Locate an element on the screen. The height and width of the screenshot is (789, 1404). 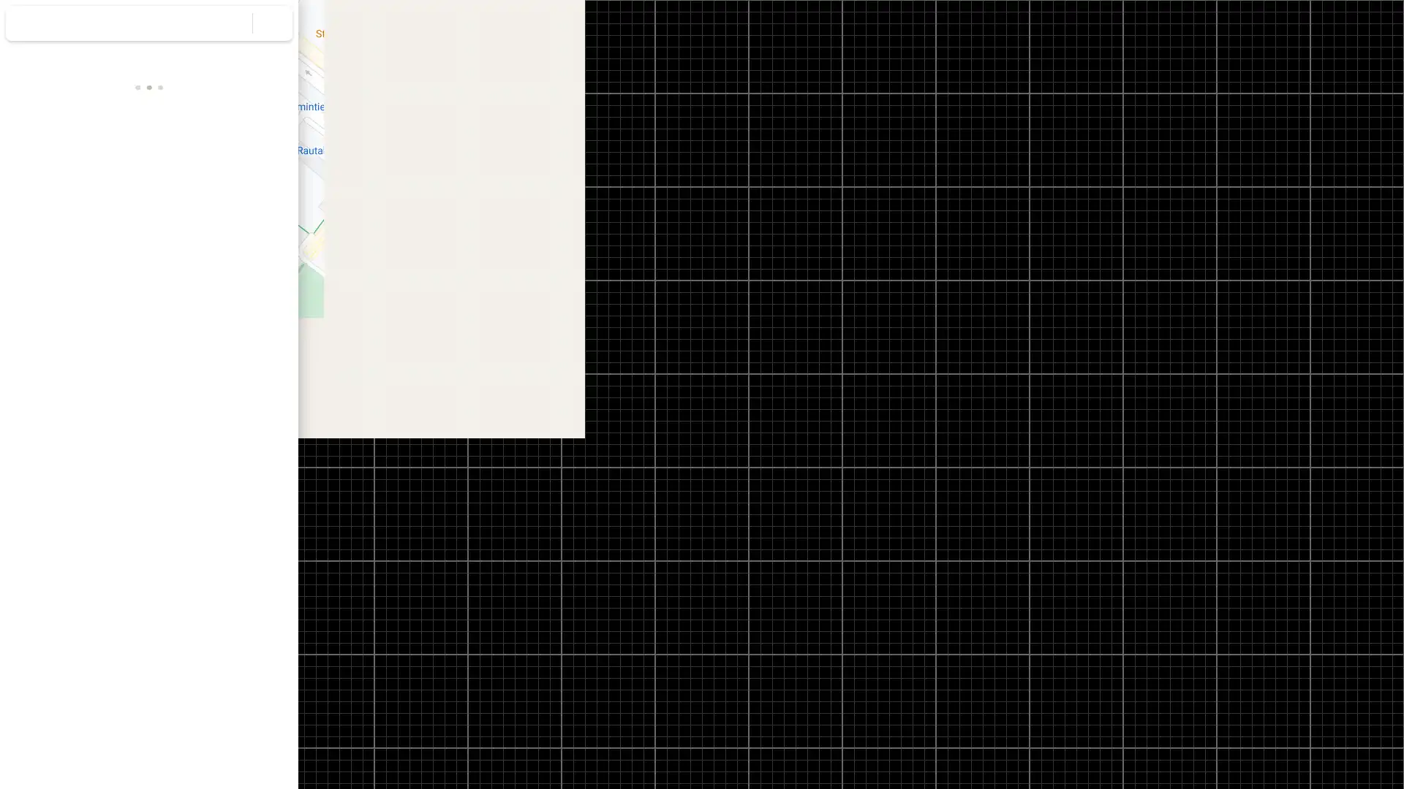
Clear search is located at coordinates (273, 23).